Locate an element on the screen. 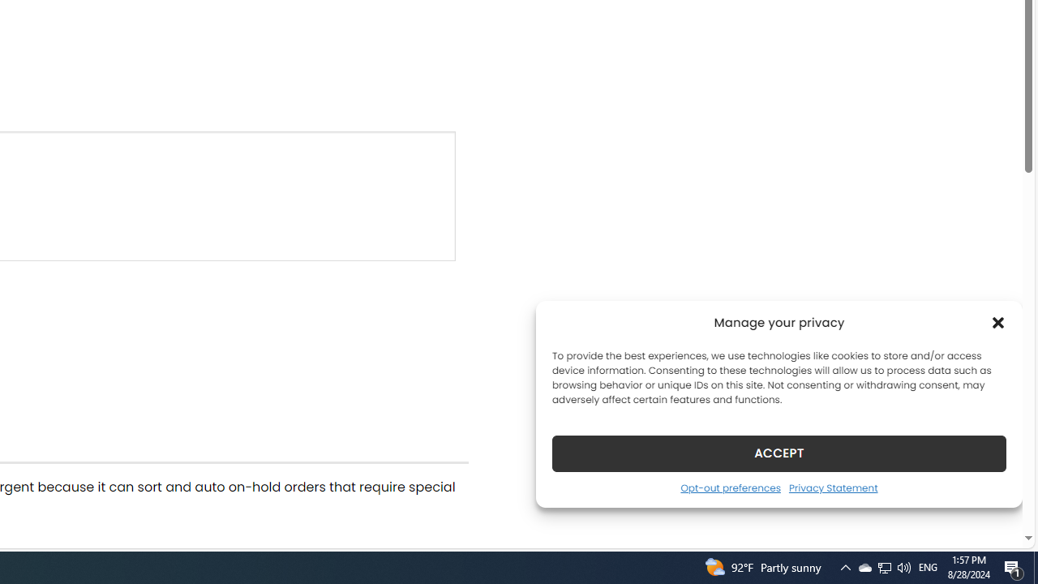 The image size is (1038, 584). 'Class: cmplz-close' is located at coordinates (997, 322).